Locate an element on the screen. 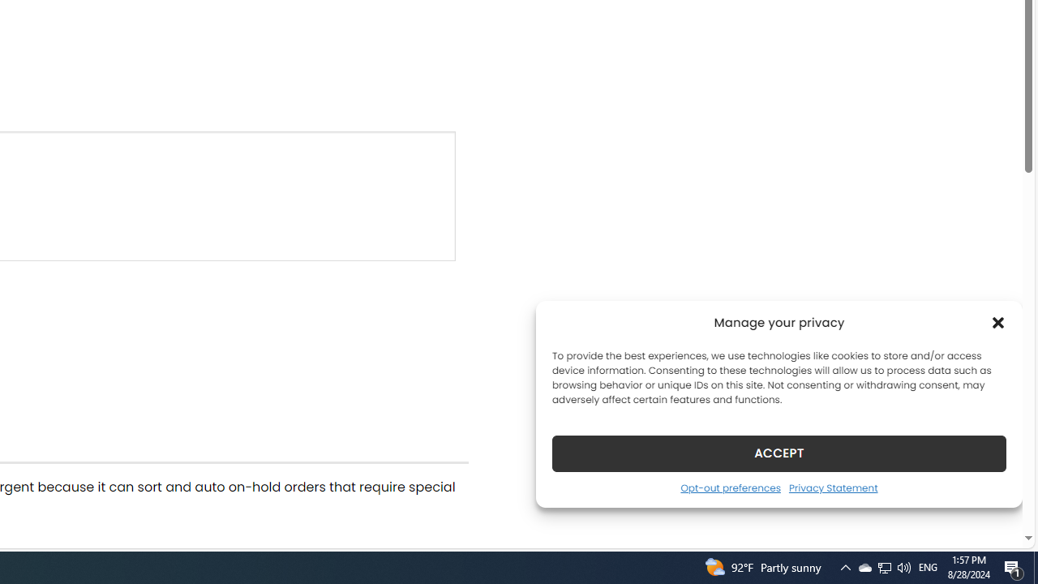 The image size is (1038, 584). 'Class: cmplz-close' is located at coordinates (997, 322).